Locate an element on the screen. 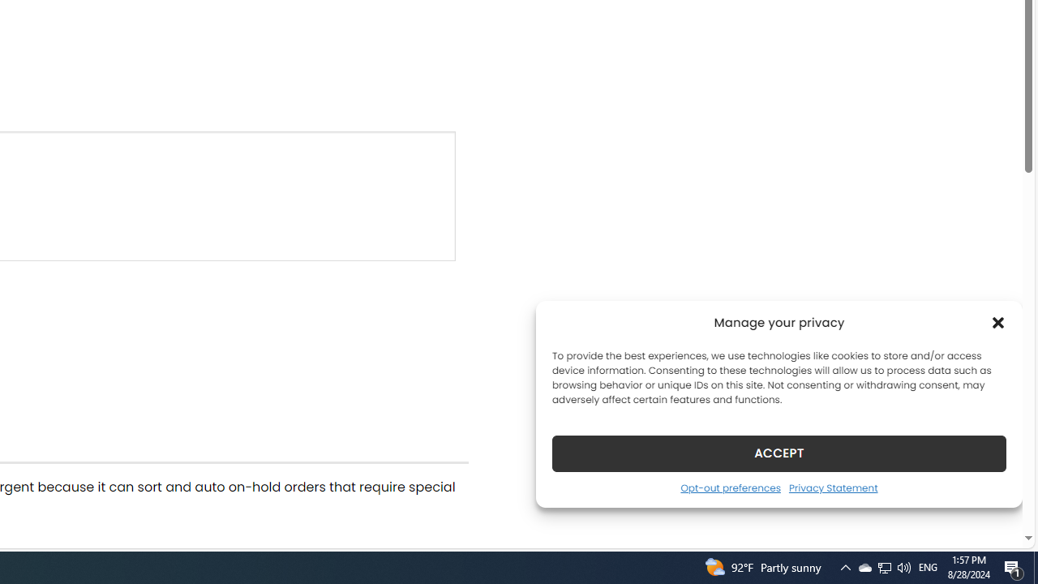 The image size is (1038, 584). 'Class: cmplz-close' is located at coordinates (997, 322).